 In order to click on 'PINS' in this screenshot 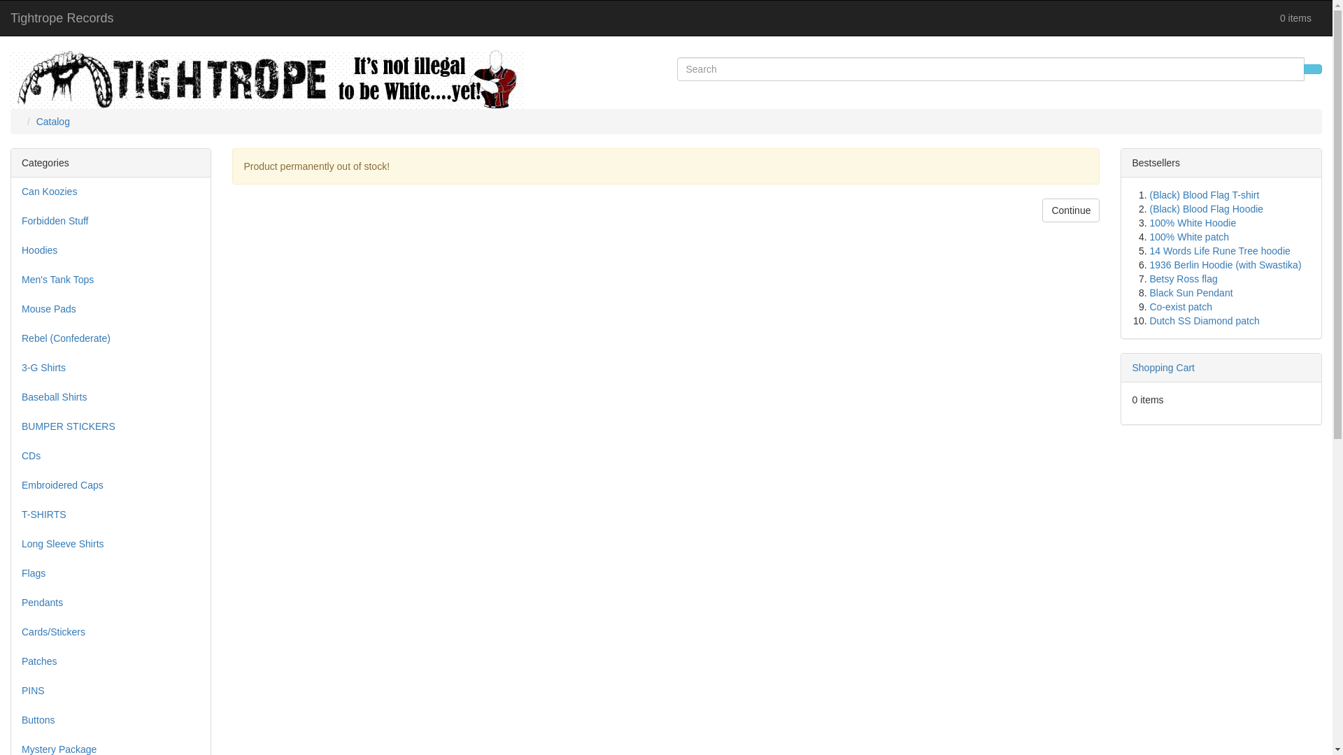, I will do `click(110, 689)`.